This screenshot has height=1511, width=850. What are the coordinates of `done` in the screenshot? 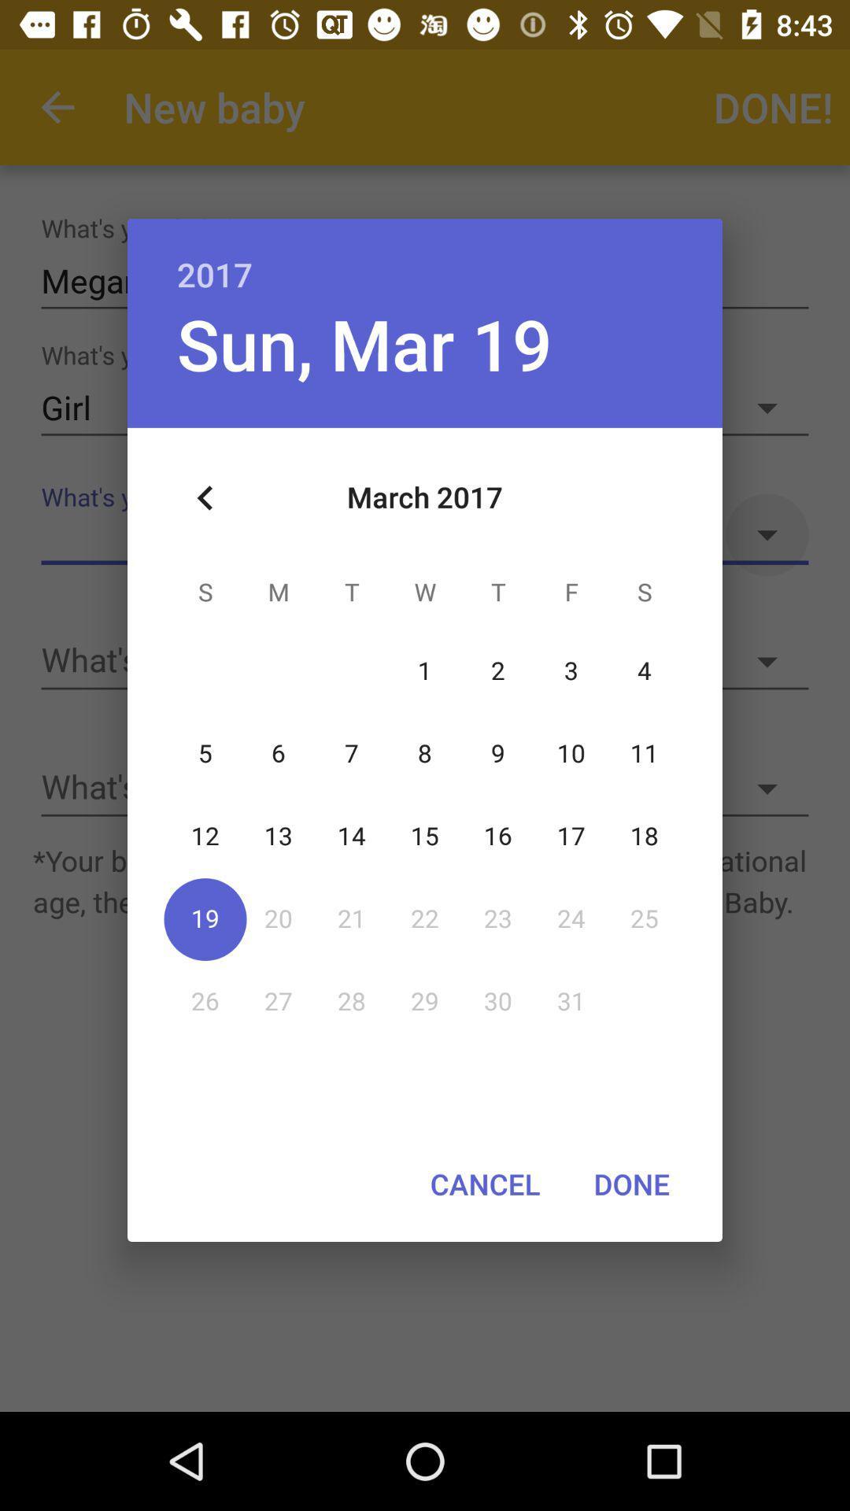 It's located at (630, 1184).